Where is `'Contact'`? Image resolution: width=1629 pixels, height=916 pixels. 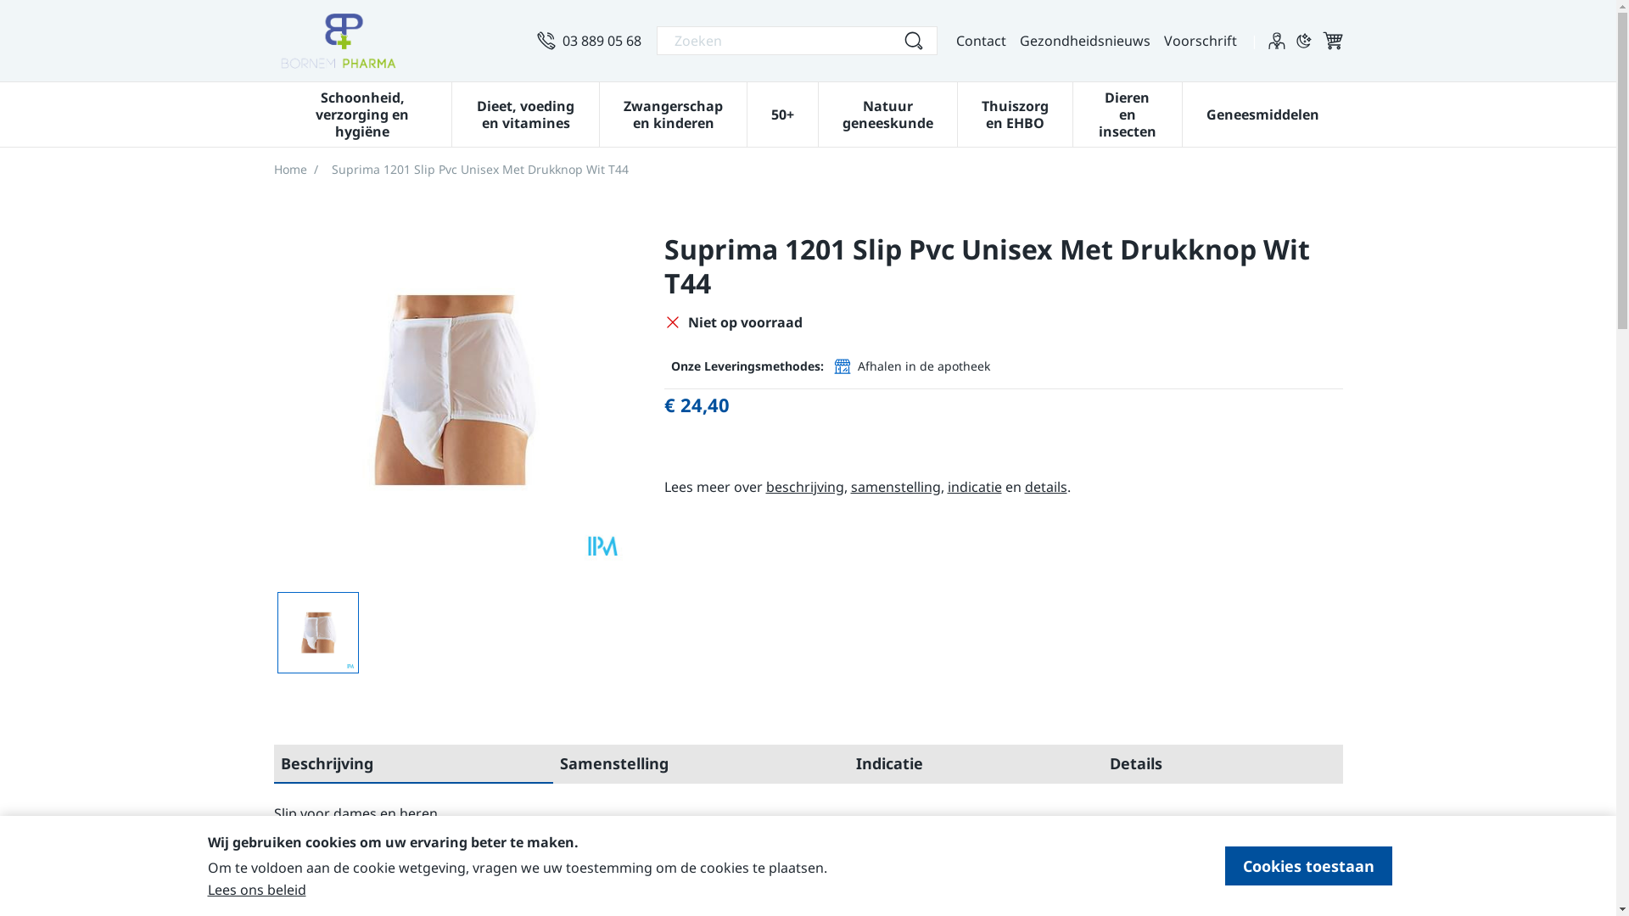
'Contact' is located at coordinates (980, 39).